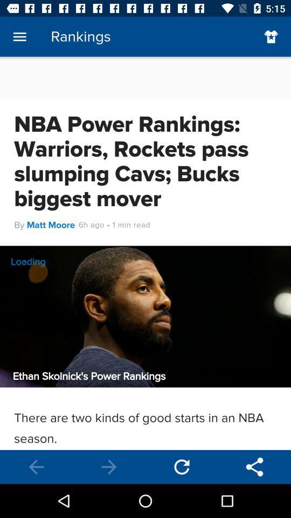 Image resolution: width=291 pixels, height=518 pixels. What do you see at coordinates (182, 466) in the screenshot?
I see `refresh the current page` at bounding box center [182, 466].